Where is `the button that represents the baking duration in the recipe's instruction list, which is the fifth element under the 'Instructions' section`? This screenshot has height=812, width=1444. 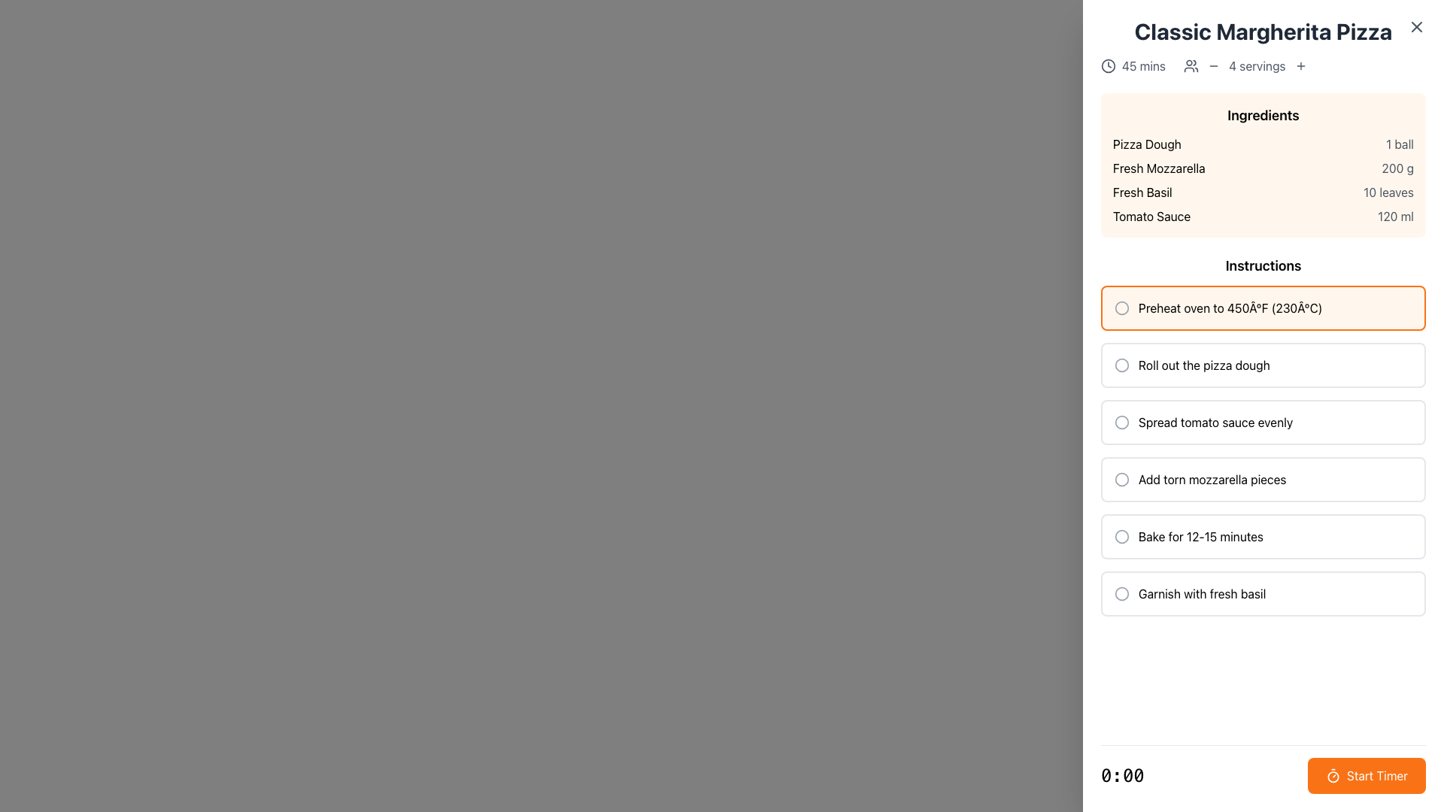 the button that represents the baking duration in the recipe's instruction list, which is the fifth element under the 'Instructions' section is located at coordinates (1263, 535).